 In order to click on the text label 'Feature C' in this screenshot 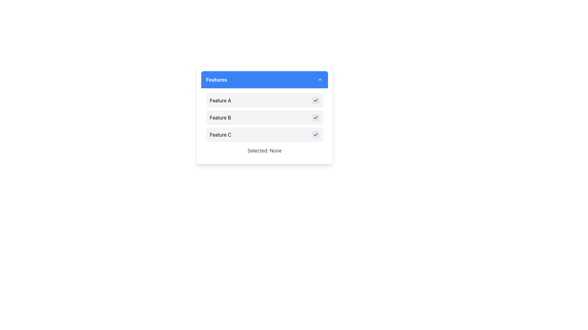, I will do `click(221, 134)`.